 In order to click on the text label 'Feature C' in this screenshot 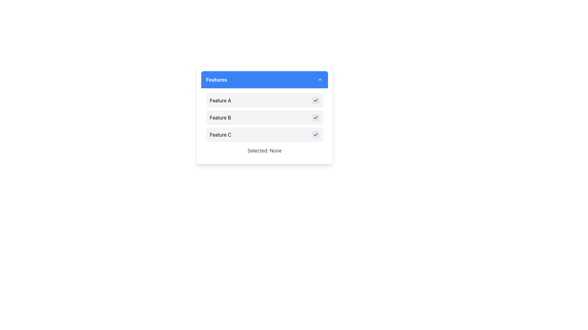, I will do `click(221, 134)`.